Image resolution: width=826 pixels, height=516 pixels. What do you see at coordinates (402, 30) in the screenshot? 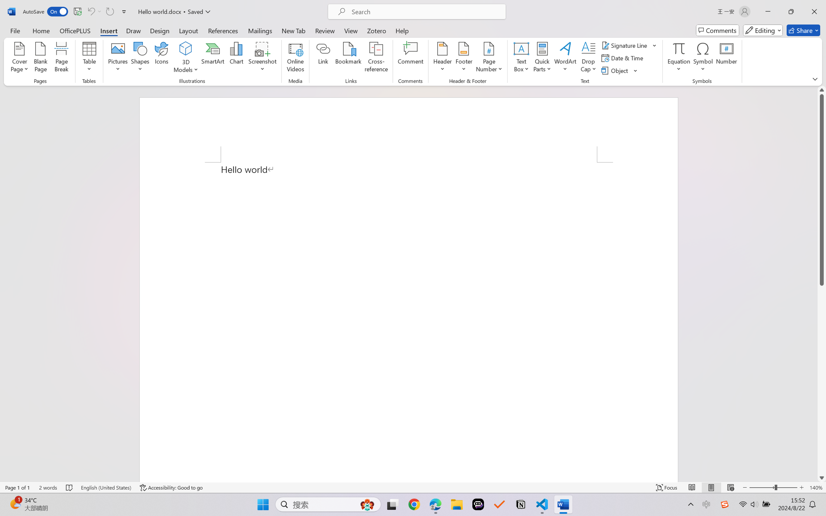
I see `'Help'` at bounding box center [402, 30].